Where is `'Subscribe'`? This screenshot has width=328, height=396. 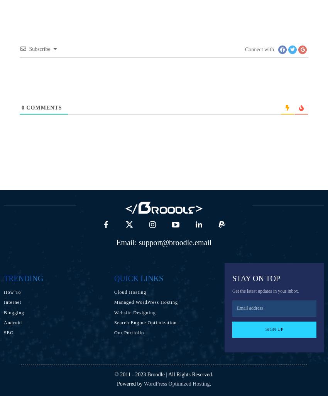
'Subscribe' is located at coordinates (39, 49).